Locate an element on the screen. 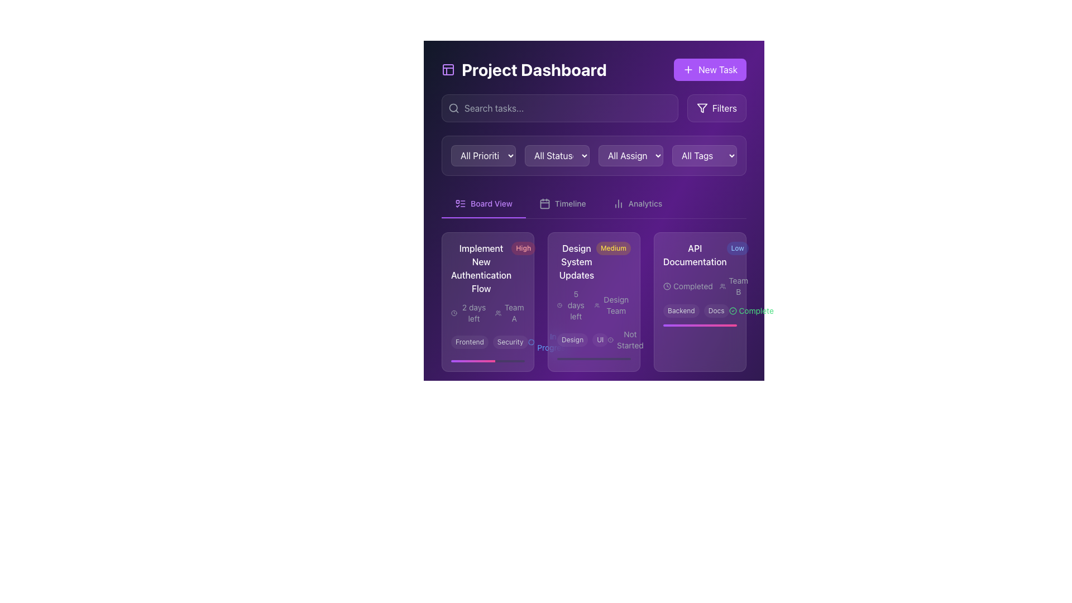 This screenshot has width=1072, height=603. the Tag group element located above the progress indicator bar in the task card titled 'Implement New Authentication Flow' is located at coordinates (489, 342).